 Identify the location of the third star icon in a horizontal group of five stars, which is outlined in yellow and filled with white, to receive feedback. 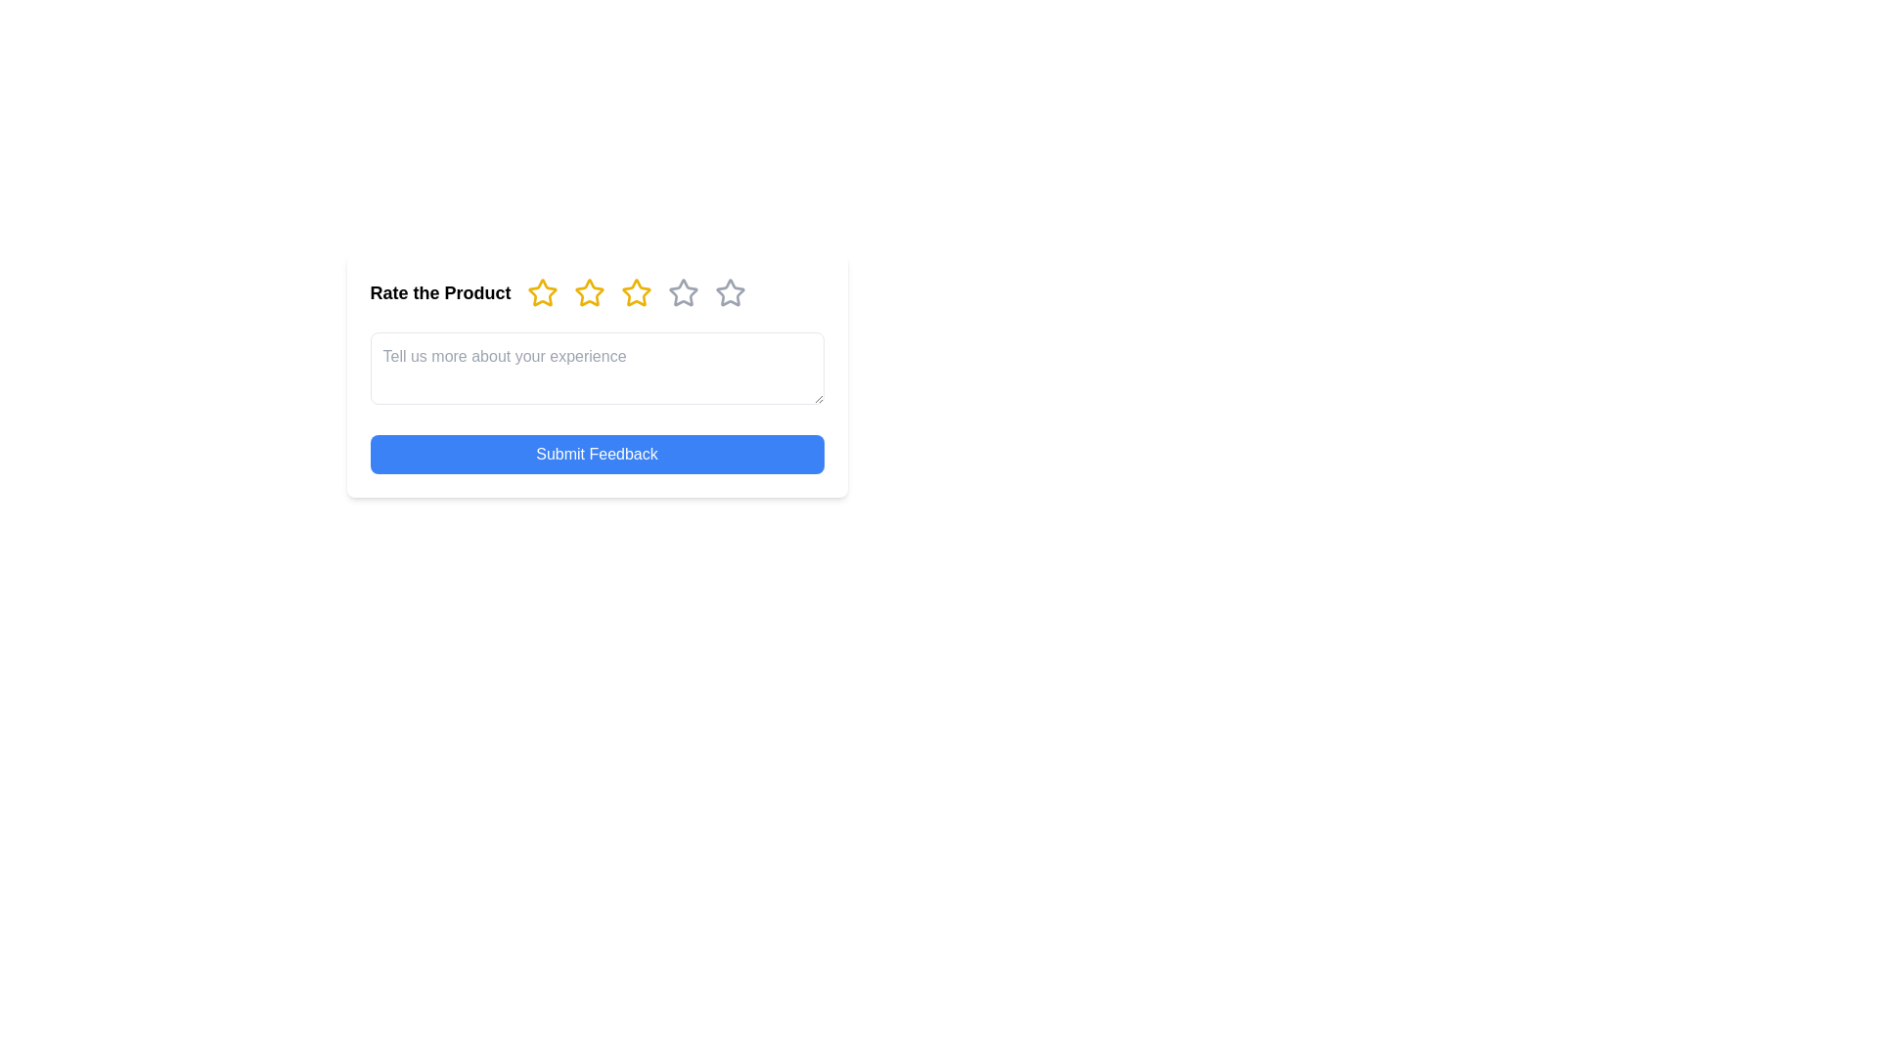
(636, 292).